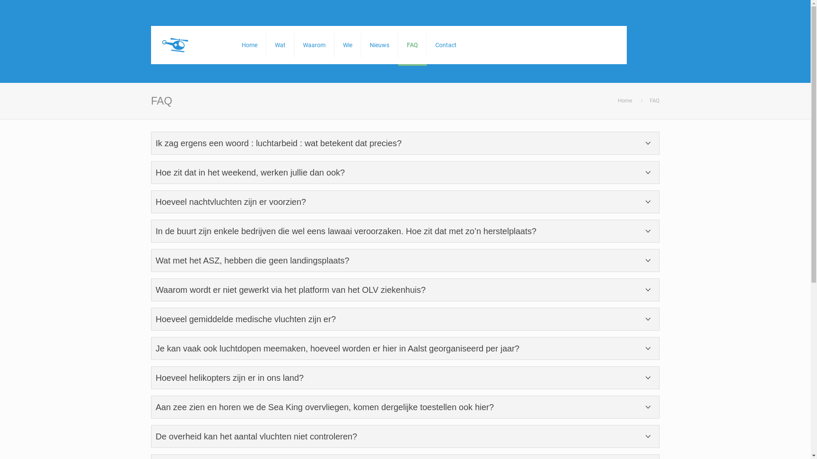  Describe the element at coordinates (617, 100) in the screenshot. I see `'Home'` at that location.